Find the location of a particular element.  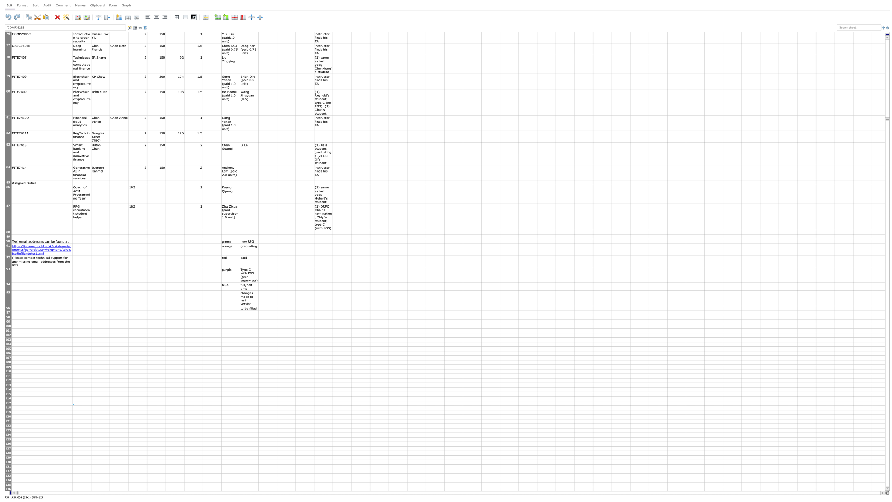

row 117 is located at coordinates (8, 403).